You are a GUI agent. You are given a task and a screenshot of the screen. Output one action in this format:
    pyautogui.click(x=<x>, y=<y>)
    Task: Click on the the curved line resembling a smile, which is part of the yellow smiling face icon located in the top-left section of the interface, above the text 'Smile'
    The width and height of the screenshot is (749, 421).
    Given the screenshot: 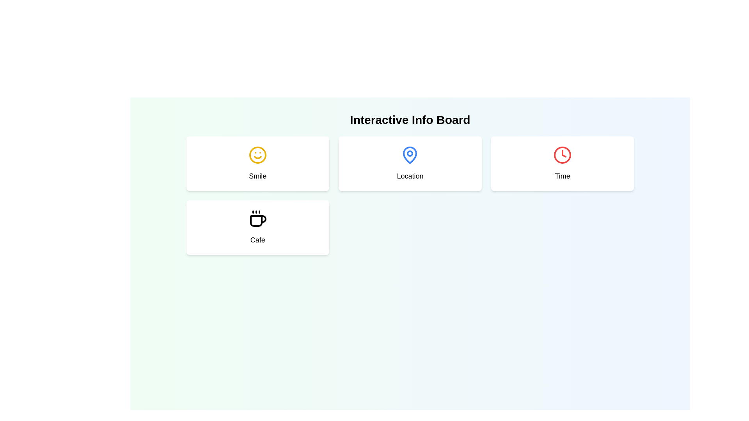 What is the action you would take?
    pyautogui.click(x=257, y=157)
    